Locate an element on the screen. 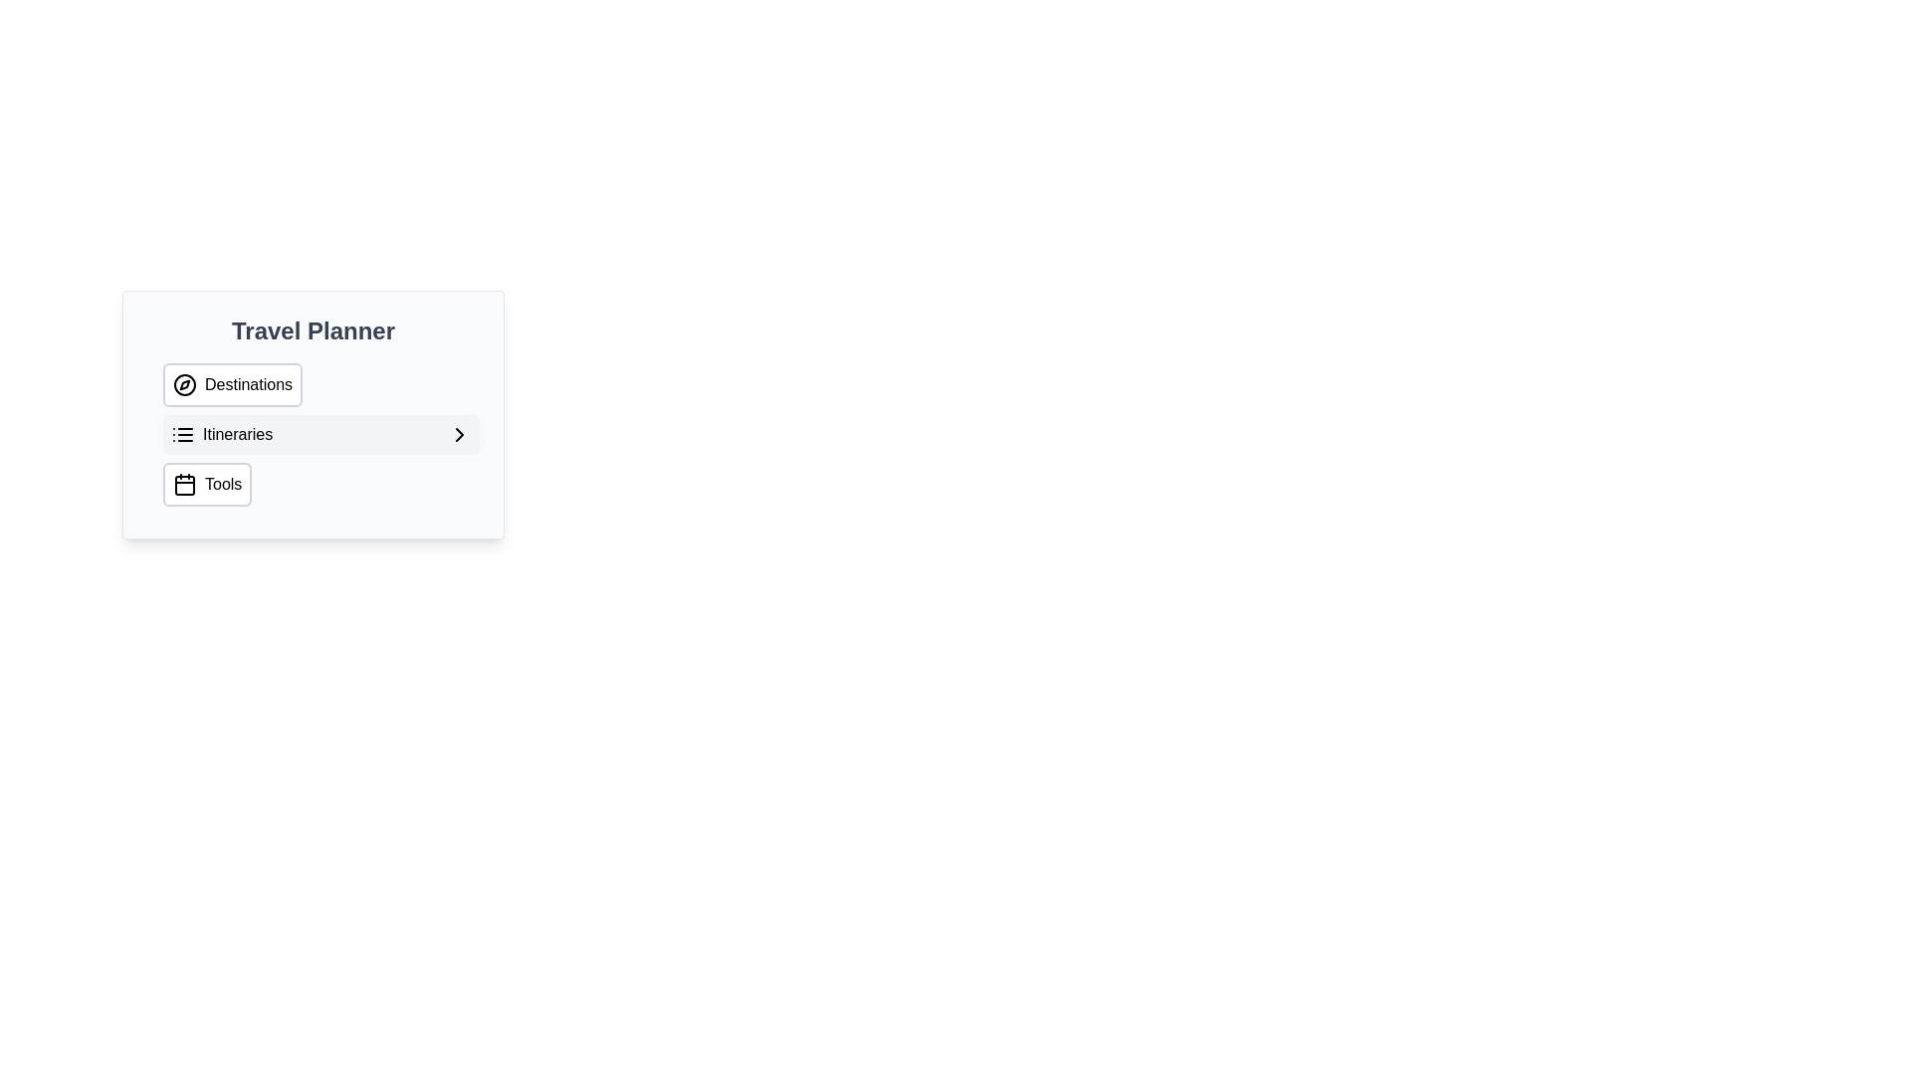 This screenshot has width=1911, height=1075. the right-facing chevron icon used for navigation next to the 'Itineraries' text is located at coordinates (458, 433).